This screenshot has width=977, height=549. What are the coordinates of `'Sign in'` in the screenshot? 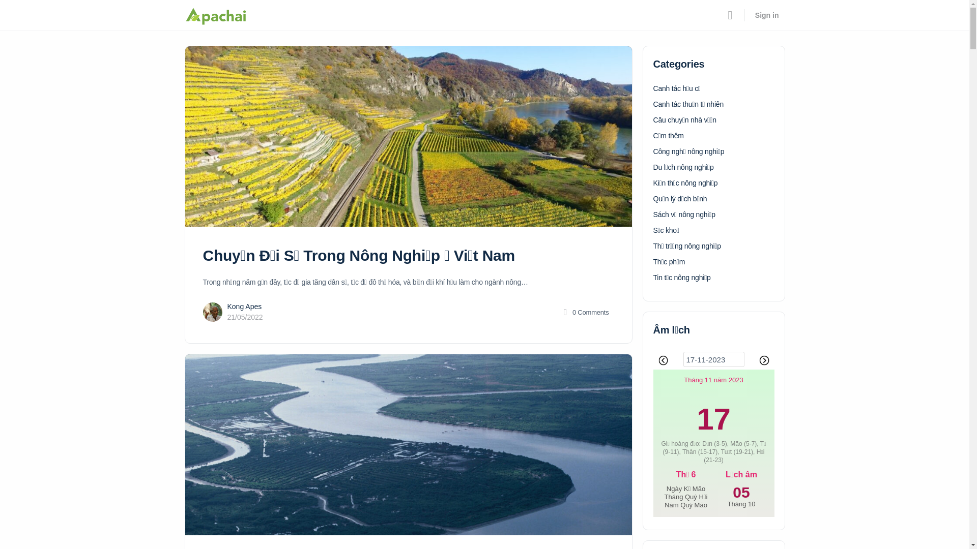 It's located at (749, 15).